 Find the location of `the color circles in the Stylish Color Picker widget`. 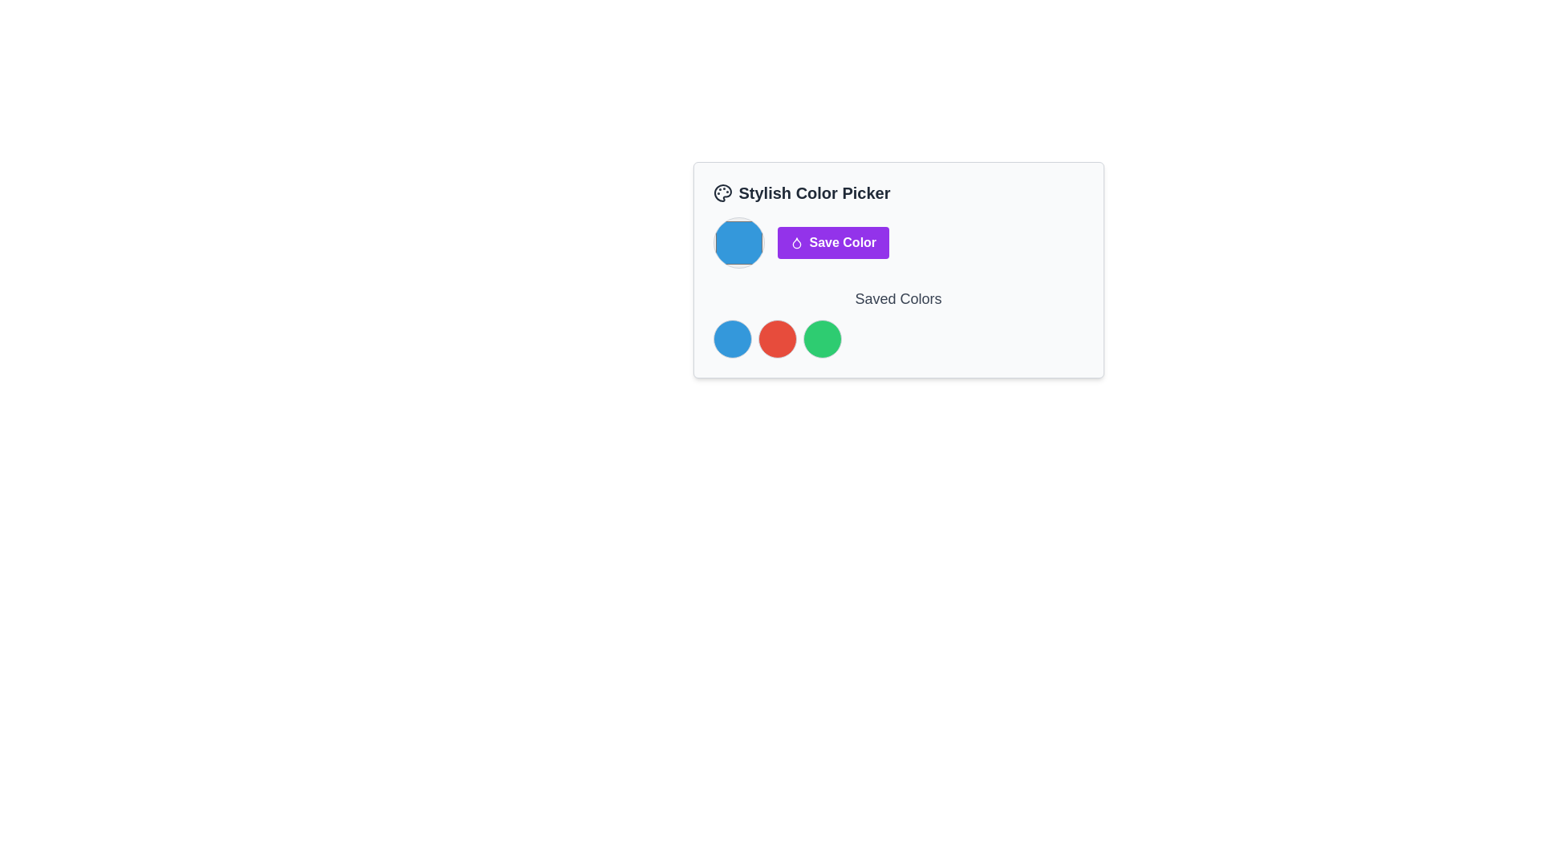

the color circles in the Stylish Color Picker widget is located at coordinates (897, 269).